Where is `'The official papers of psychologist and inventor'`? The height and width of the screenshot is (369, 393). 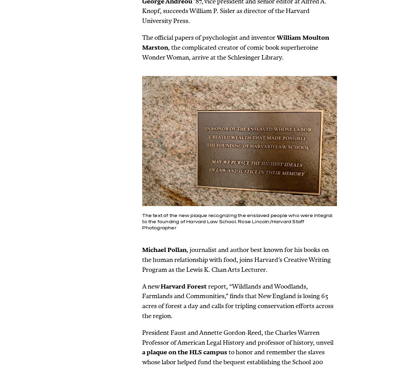 'The official papers of psychologist and inventor' is located at coordinates (209, 37).